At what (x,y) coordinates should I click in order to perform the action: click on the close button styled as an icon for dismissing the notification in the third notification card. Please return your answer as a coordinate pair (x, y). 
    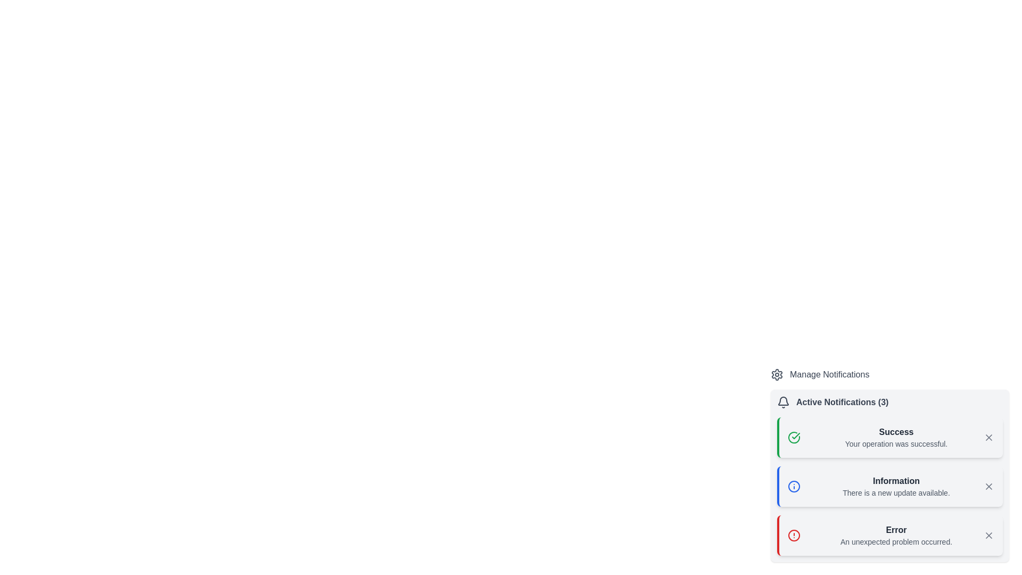
    Looking at the image, I should click on (988, 487).